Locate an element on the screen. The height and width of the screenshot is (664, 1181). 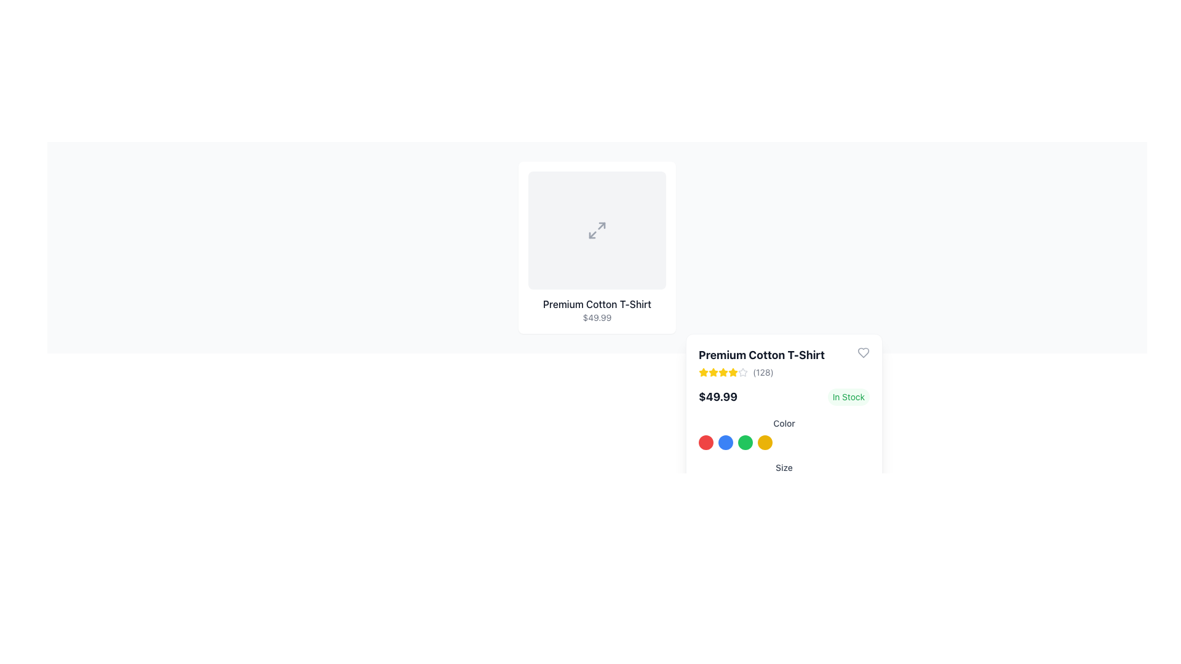
the label for the color selection options located below the 'In Stock' badge in the product detail card is located at coordinates (784, 432).